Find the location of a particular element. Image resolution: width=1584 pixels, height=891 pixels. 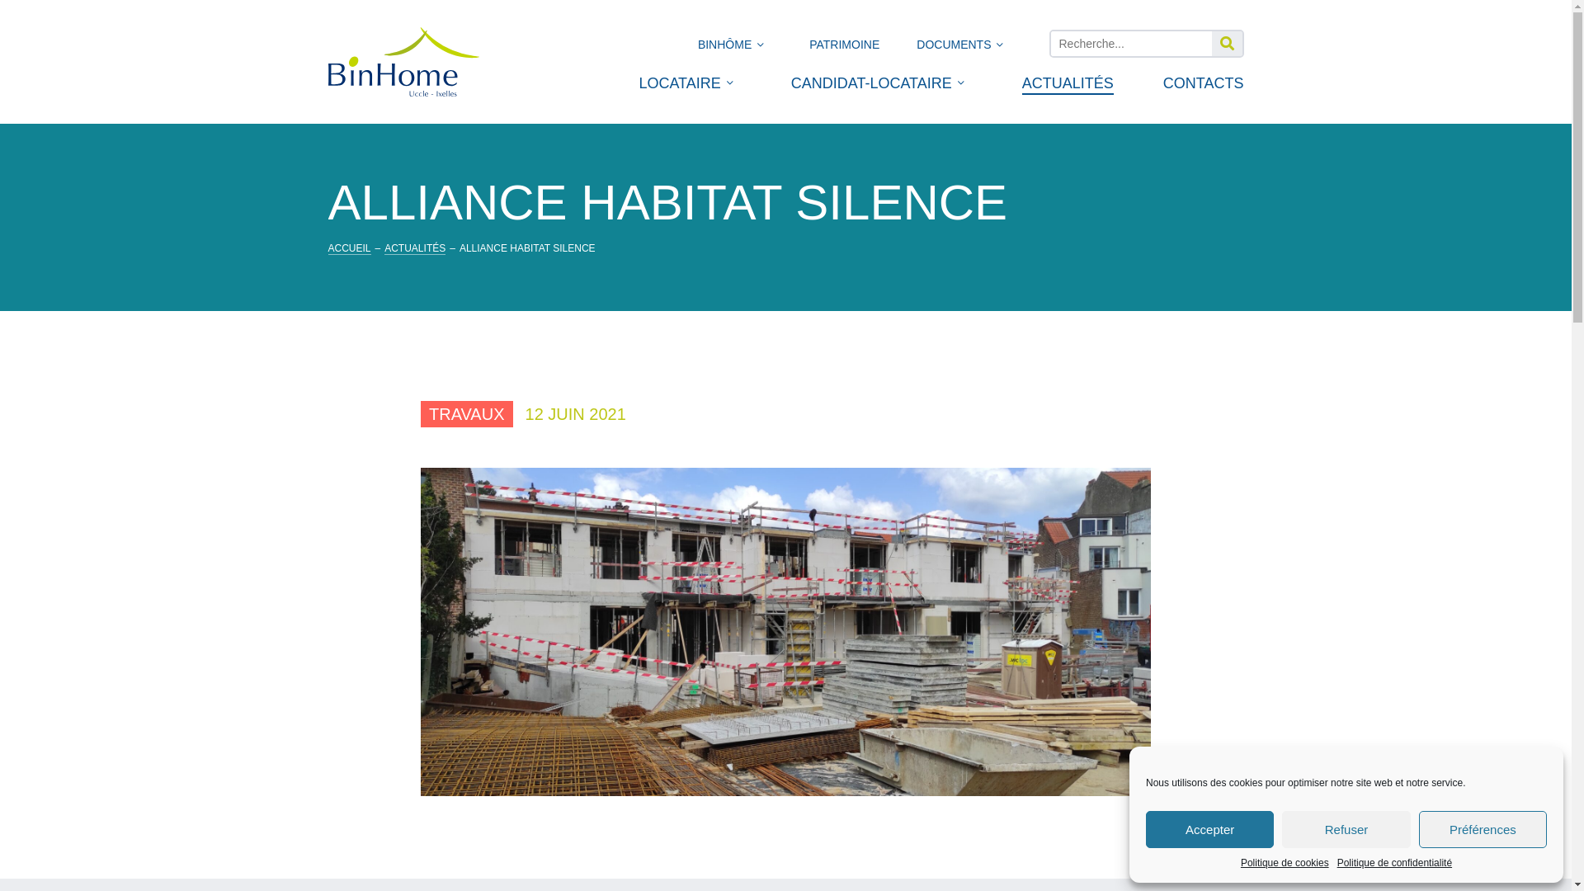

'PATRIMOINE' is located at coordinates (844, 48).